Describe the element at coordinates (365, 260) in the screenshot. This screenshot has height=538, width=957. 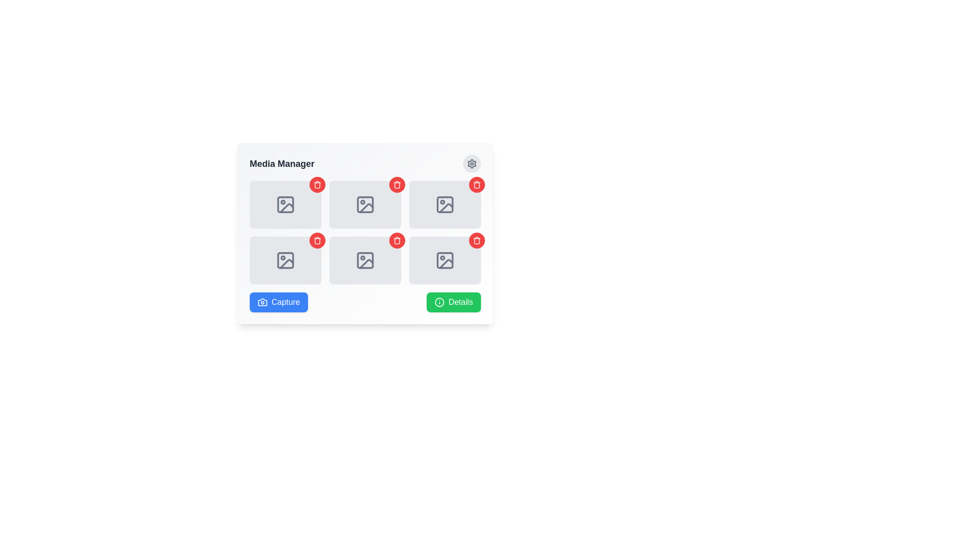
I see `the gray background button with a picture frame icon in the second row, second column of the grid` at that location.